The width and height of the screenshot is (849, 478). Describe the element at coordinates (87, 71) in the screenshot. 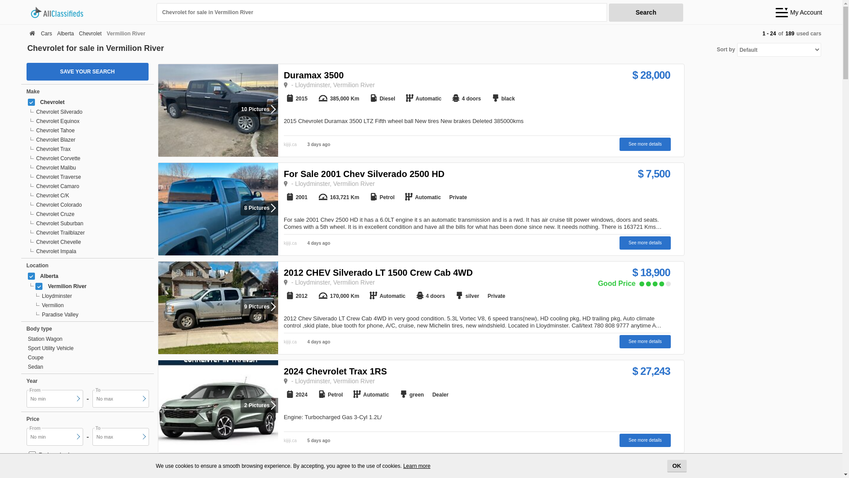

I see `'SAVE YOUR SEARCH'` at that location.